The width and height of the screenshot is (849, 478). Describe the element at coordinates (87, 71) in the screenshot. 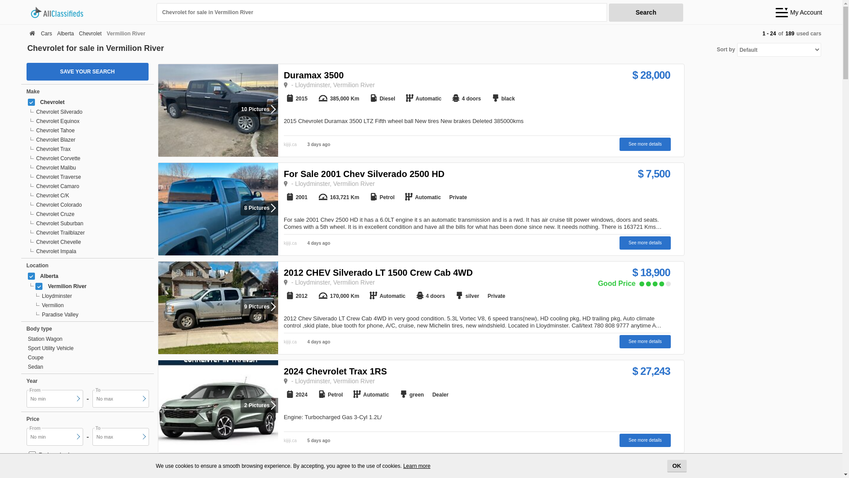

I see `'SAVE YOUR SEARCH'` at that location.